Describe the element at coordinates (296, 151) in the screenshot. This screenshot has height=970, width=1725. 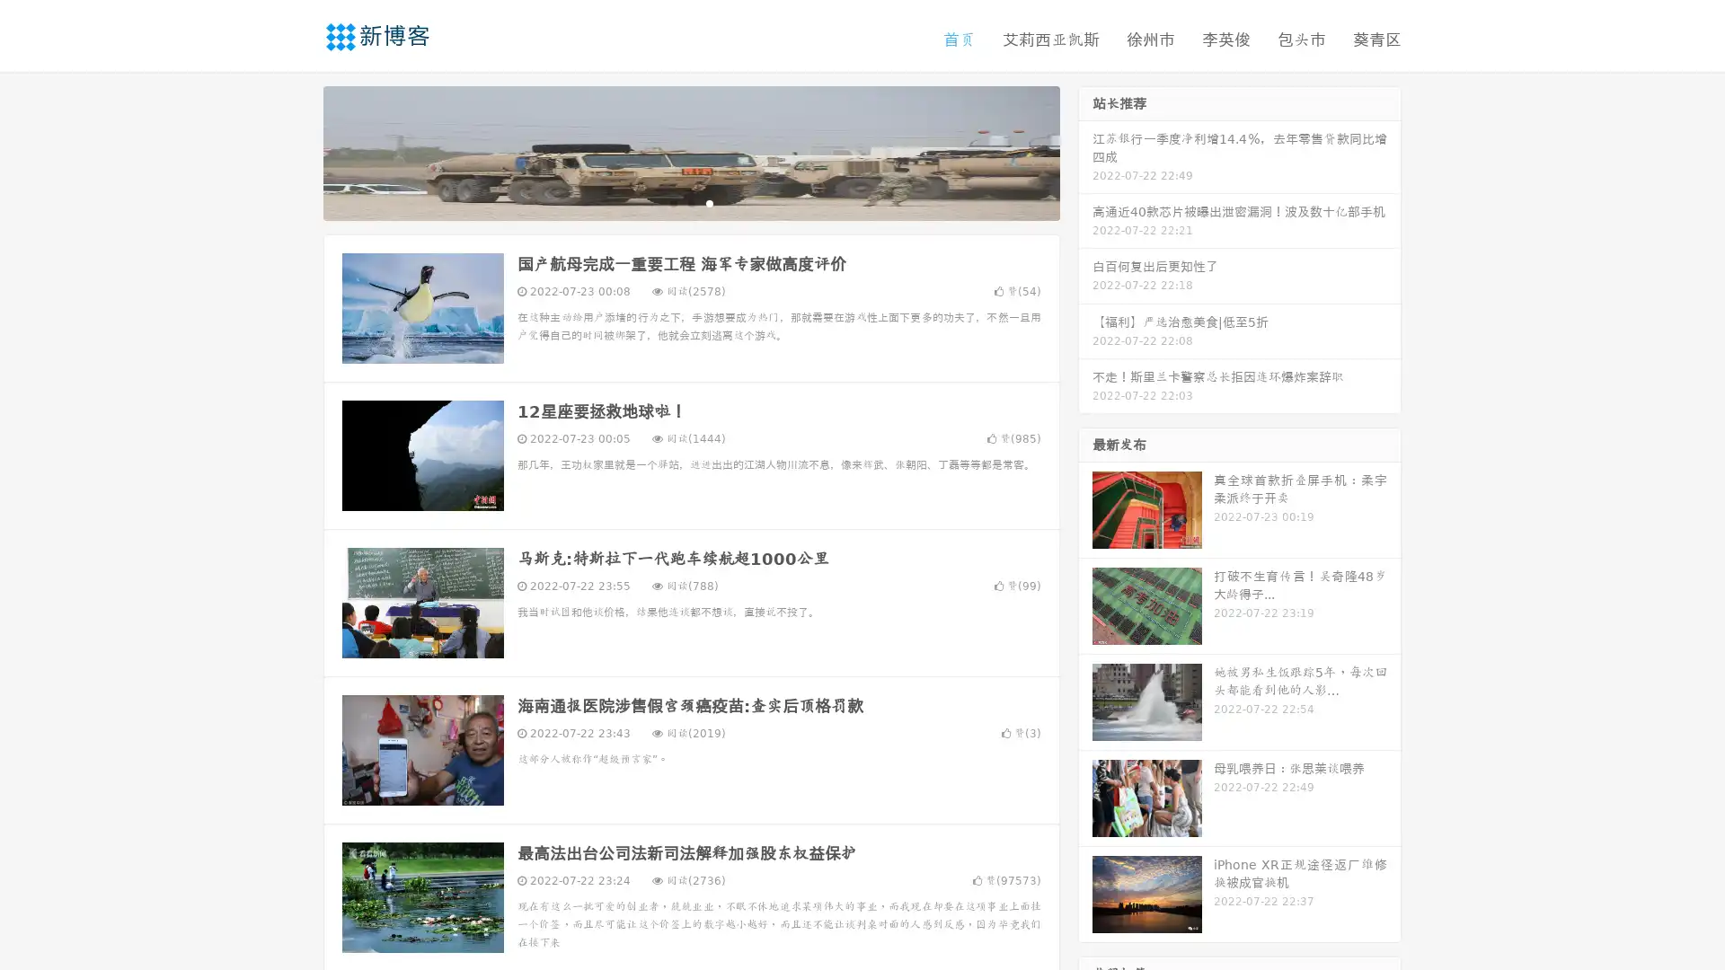
I see `Previous slide` at that location.